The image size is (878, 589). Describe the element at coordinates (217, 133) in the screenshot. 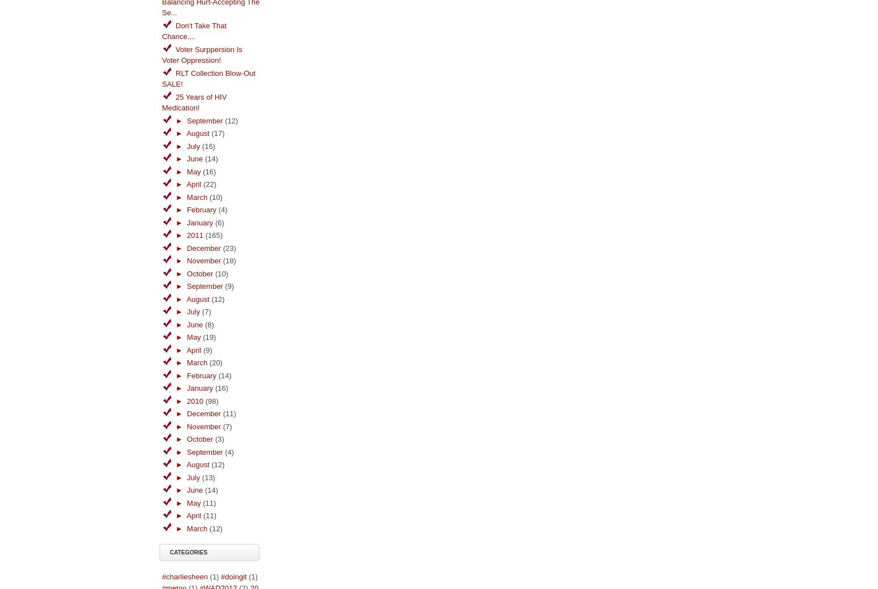

I see `'(17)'` at that location.